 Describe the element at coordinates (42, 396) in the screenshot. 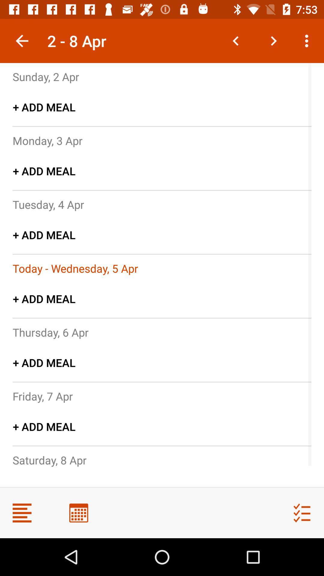

I see `the item above the + add meal` at that location.